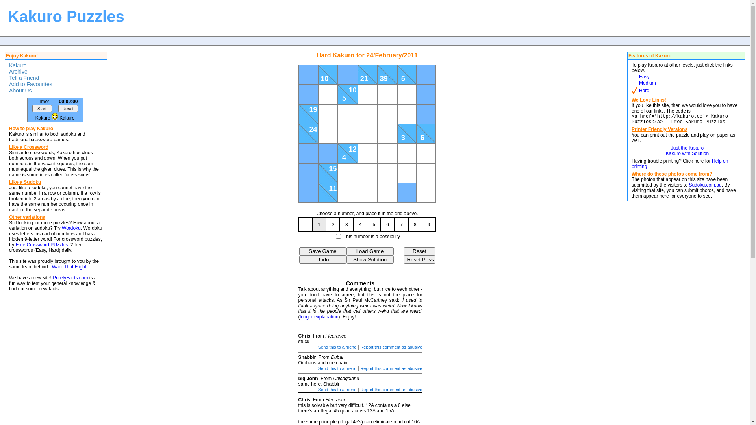 This screenshot has width=756, height=425. What do you see at coordinates (48, 266) in the screenshot?
I see `'I Want That Flight'` at bounding box center [48, 266].